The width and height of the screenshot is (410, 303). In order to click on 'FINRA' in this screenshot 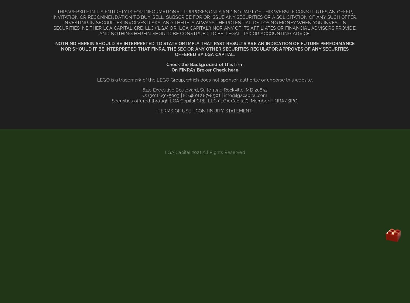, I will do `click(277, 101)`.